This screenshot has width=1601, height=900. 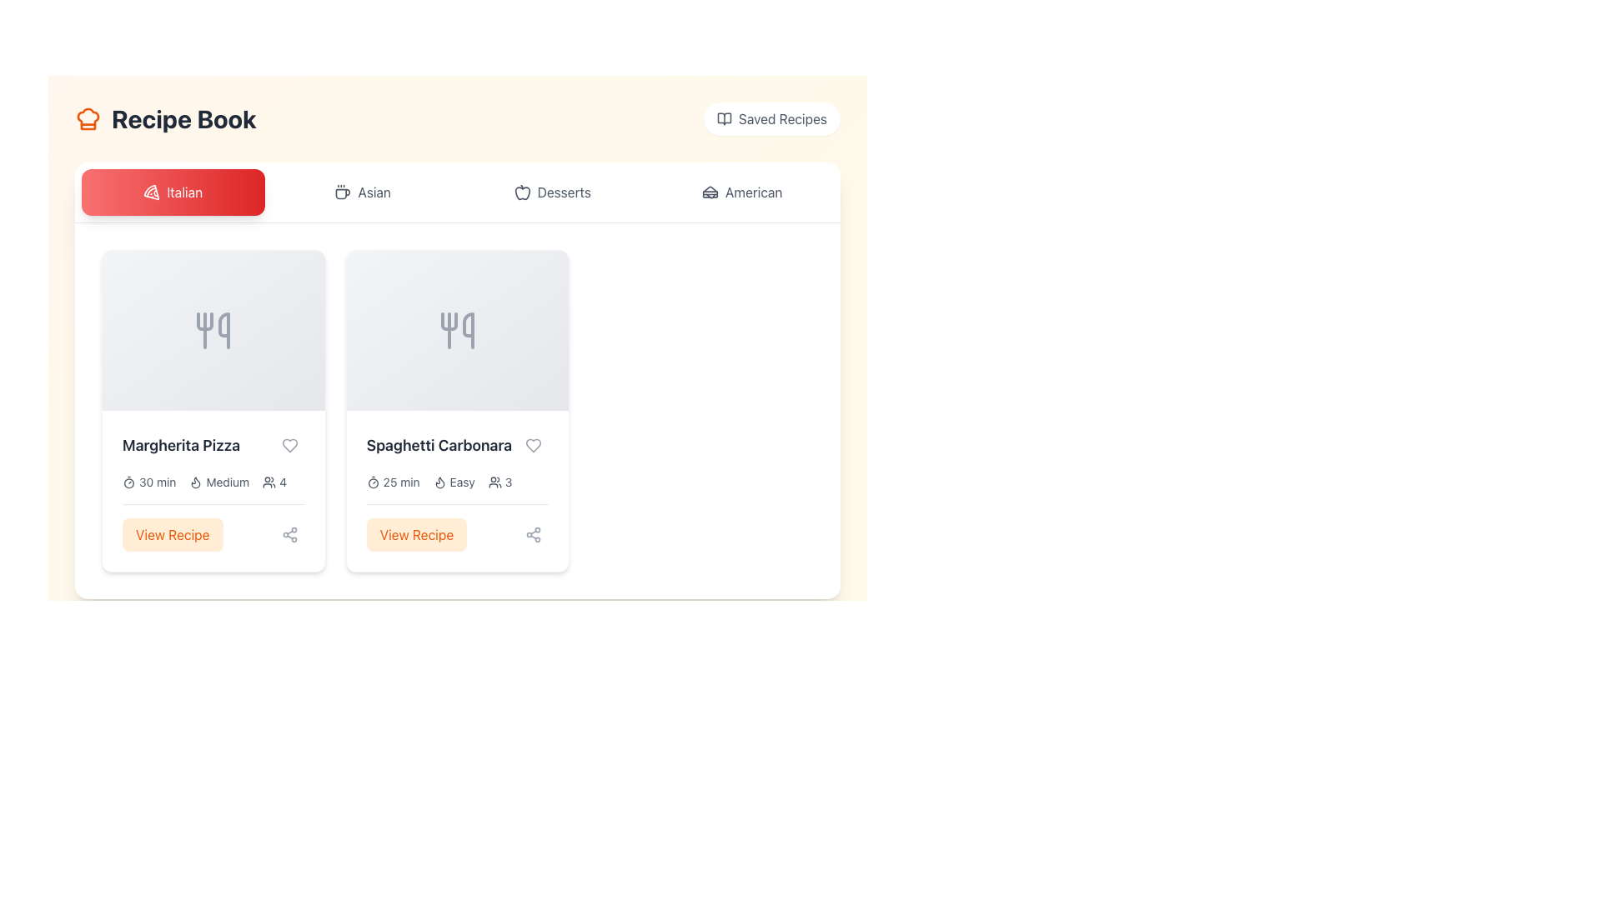 What do you see at coordinates (771, 117) in the screenshot?
I see `the navigation button in the top-right section above the recipes grid, adjacent to the title 'Recipe Book'` at bounding box center [771, 117].